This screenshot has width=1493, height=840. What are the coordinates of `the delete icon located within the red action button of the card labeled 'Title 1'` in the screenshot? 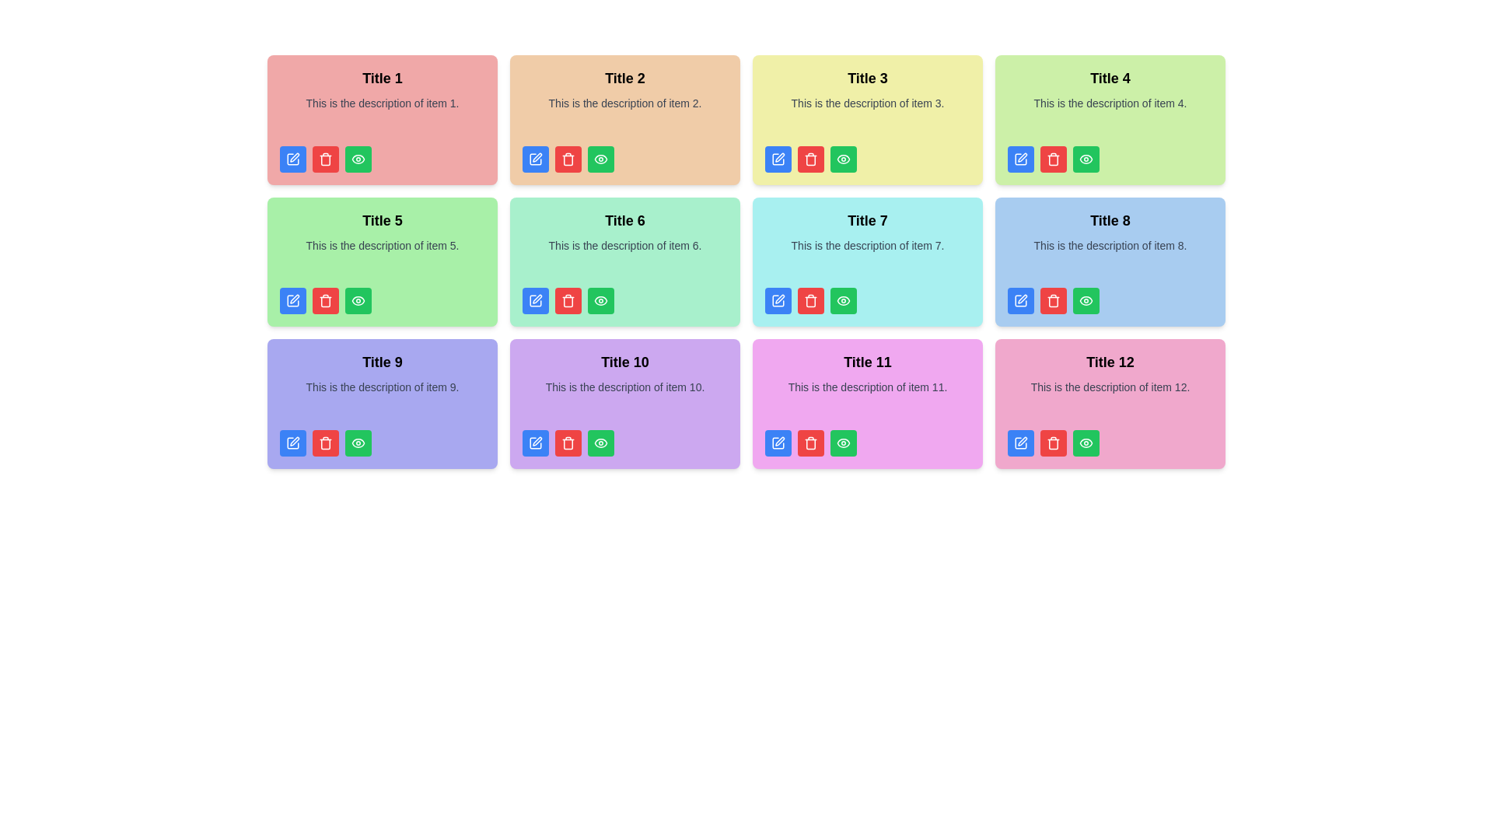 It's located at (324, 159).